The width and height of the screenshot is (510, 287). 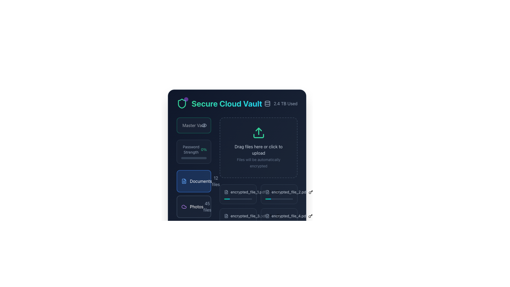 I want to click on the 'Documents' icon, which visually represents the 'Documents' category, so click(x=184, y=181).